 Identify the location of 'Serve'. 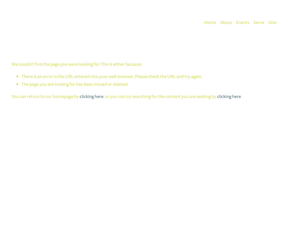
(258, 22).